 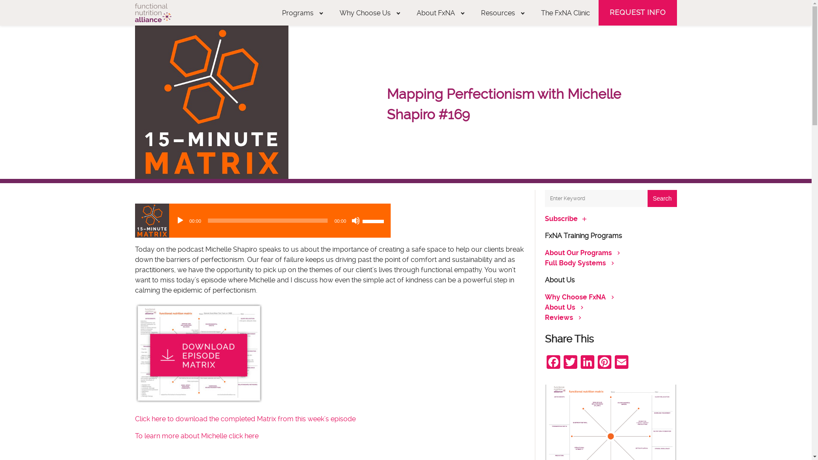 I want to click on 'Why Choose Us', so click(x=369, y=13).